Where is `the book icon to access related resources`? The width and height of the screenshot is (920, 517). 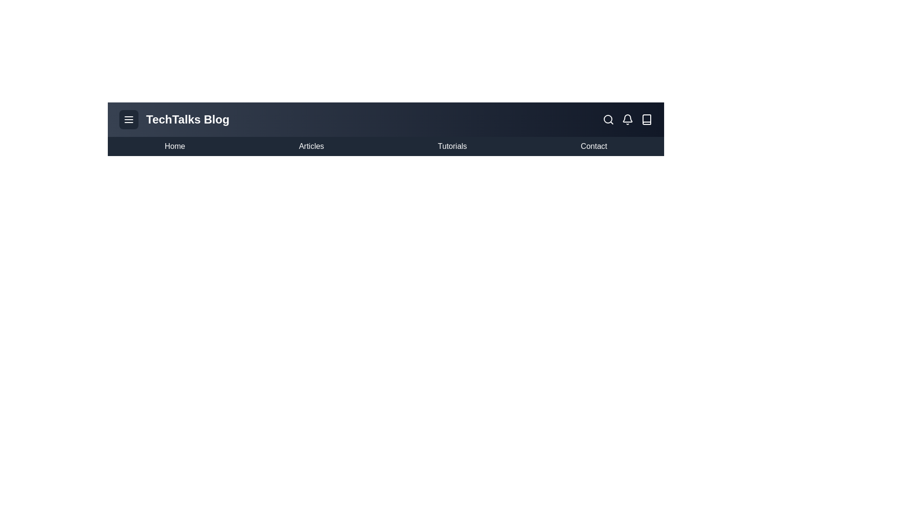
the book icon to access related resources is located at coordinates (646, 119).